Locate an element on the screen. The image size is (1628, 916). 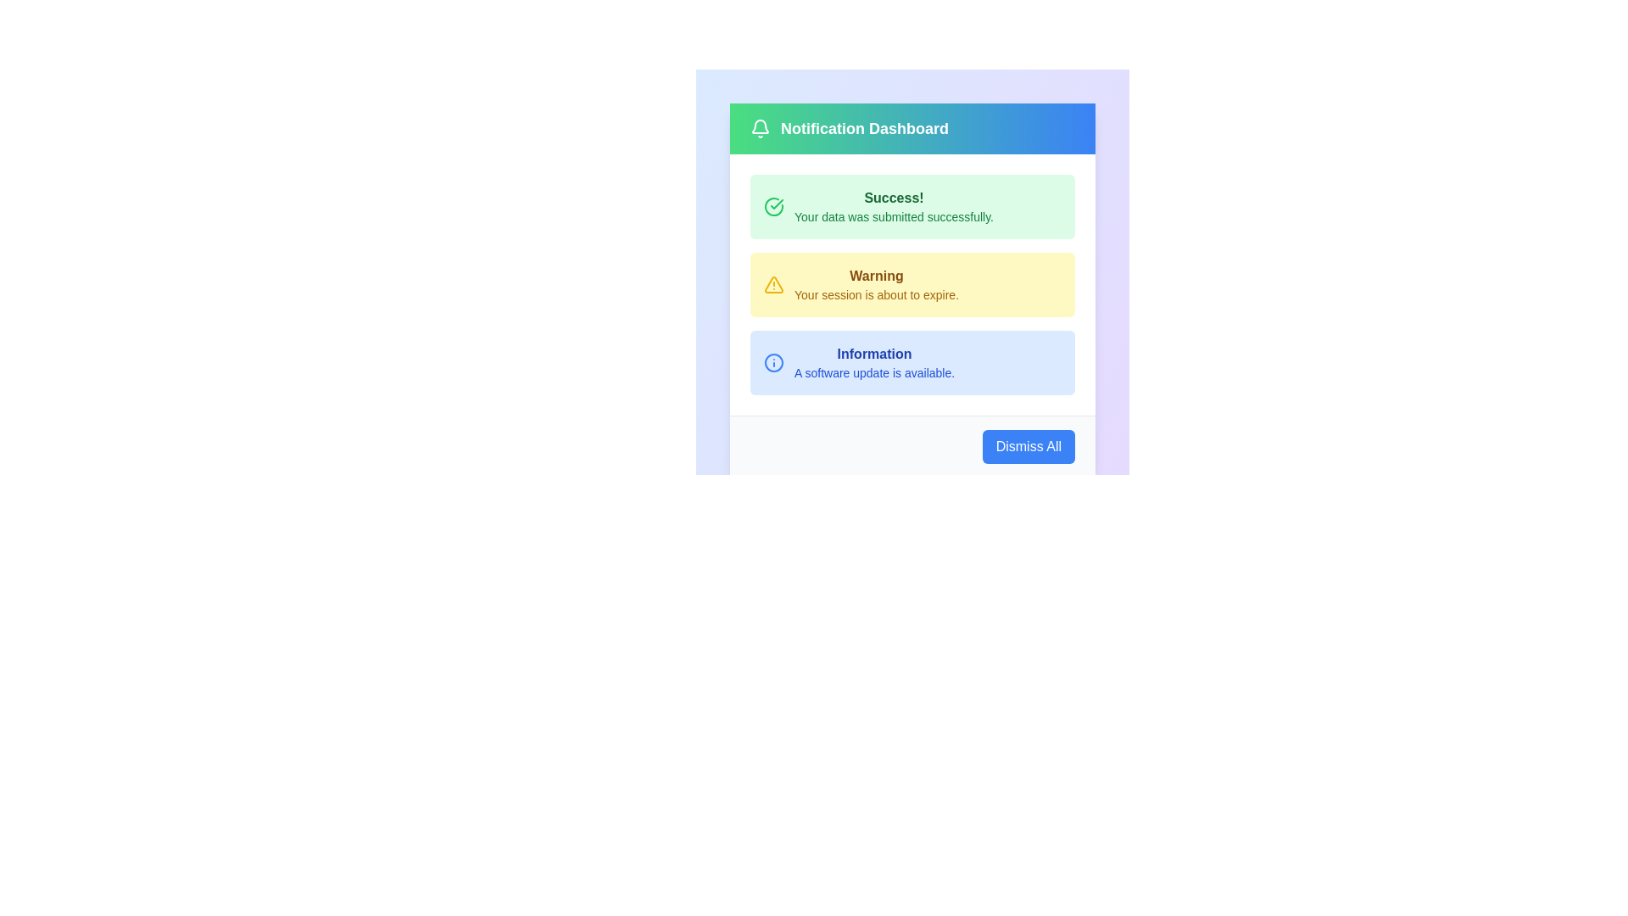
success notification message displayed in the Text block located within the green notification card at the top of the notification stack, centered below the 'Notification Dashboard' heading is located at coordinates (893, 205).